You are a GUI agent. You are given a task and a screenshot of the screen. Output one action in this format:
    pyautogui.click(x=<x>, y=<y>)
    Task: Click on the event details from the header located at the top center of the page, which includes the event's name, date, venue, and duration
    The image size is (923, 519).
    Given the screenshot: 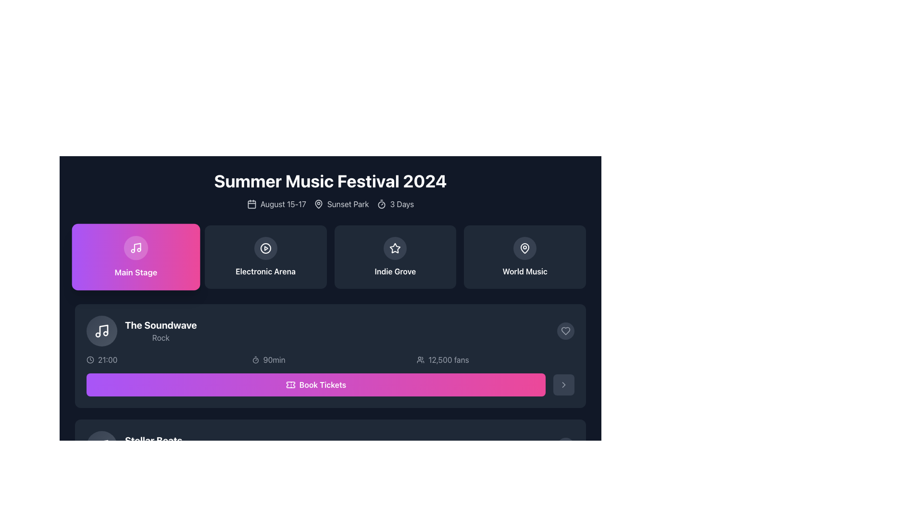 What is the action you would take?
    pyautogui.click(x=330, y=191)
    